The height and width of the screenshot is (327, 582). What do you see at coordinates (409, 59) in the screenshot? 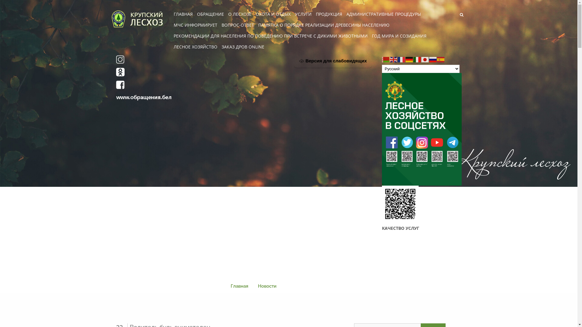
I see `'Deutsch'` at bounding box center [409, 59].